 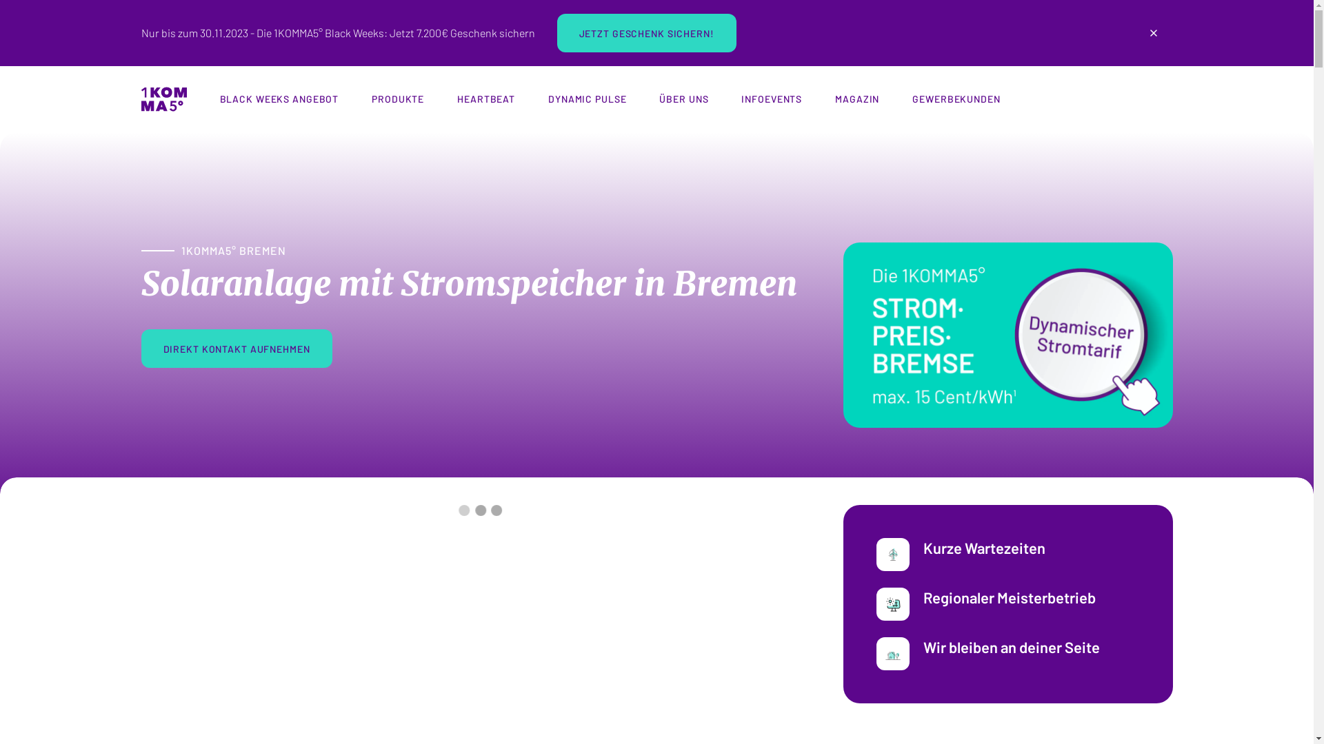 I want to click on 'JETZT GESCHENK SICHERN!', so click(x=645, y=32).